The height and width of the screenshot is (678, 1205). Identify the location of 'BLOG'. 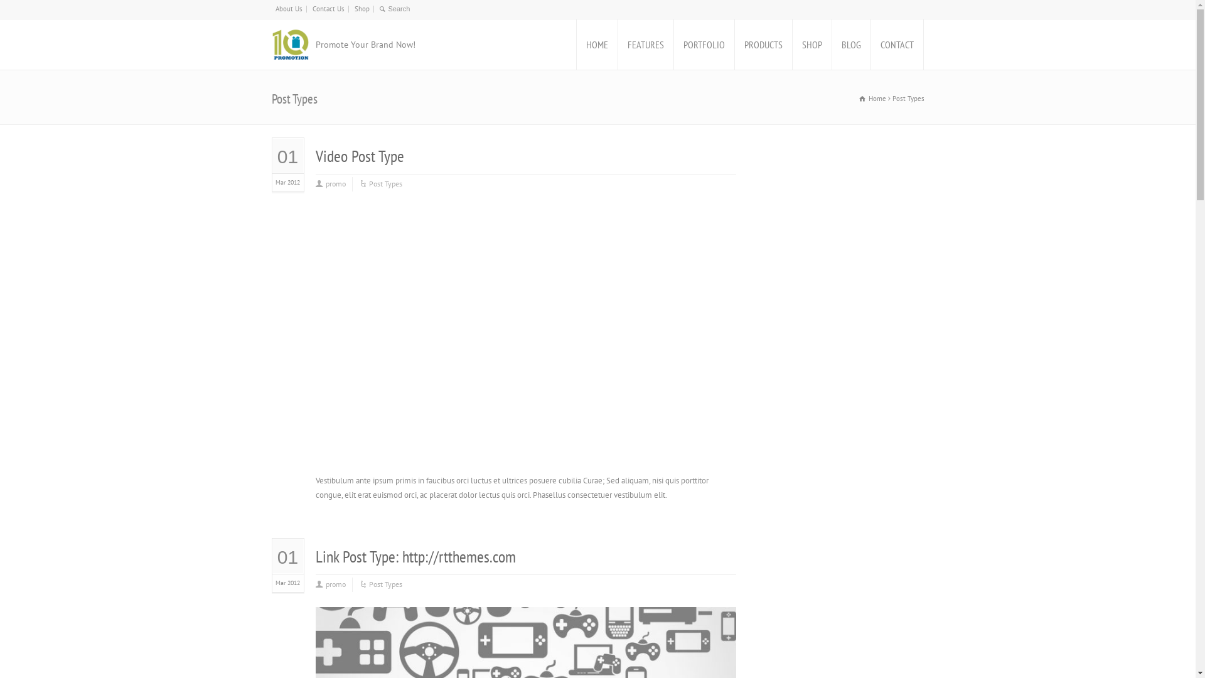
(851, 43).